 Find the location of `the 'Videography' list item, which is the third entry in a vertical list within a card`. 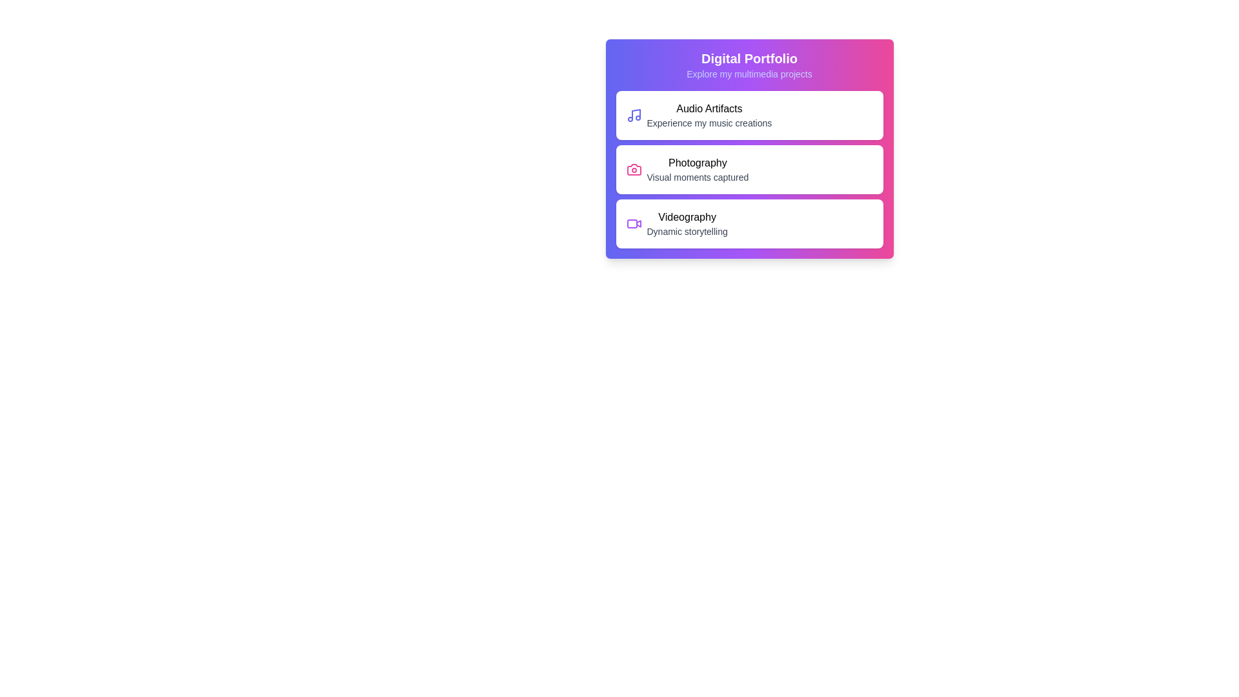

the 'Videography' list item, which is the third entry in a vertical list within a card is located at coordinates (687, 223).